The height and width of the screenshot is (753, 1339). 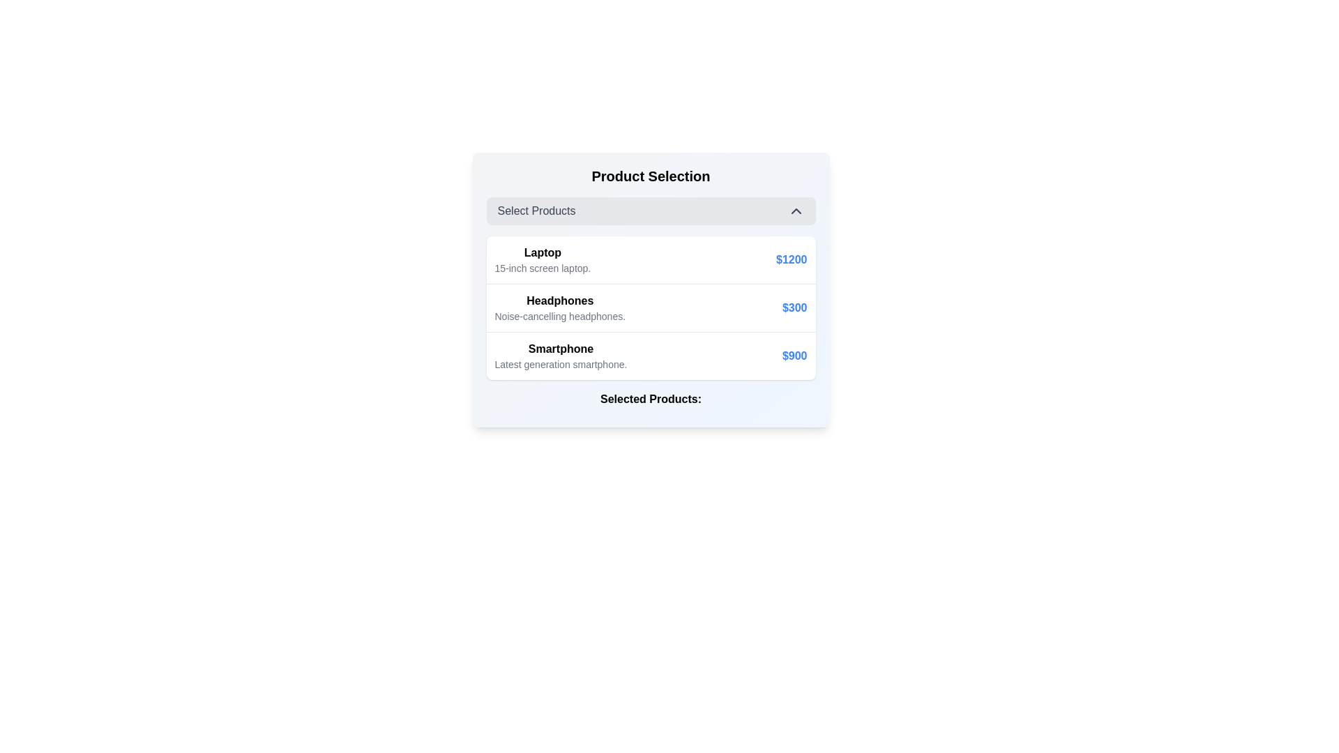 I want to click on the 'Smartphone' text label in the 'Product Selection' interface, so click(x=561, y=355).